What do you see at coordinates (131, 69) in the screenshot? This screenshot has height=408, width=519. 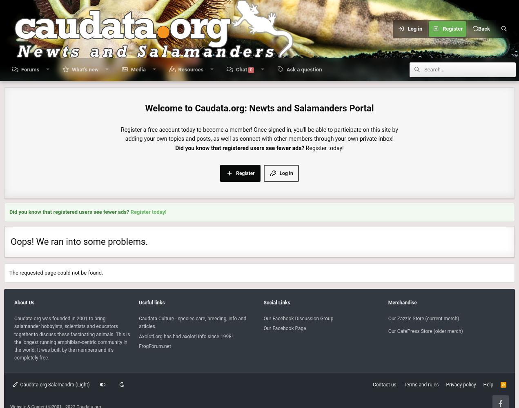 I see `'Media'` at bounding box center [131, 69].